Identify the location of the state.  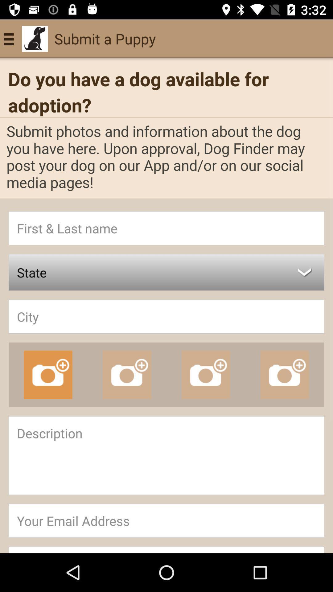
(166, 272).